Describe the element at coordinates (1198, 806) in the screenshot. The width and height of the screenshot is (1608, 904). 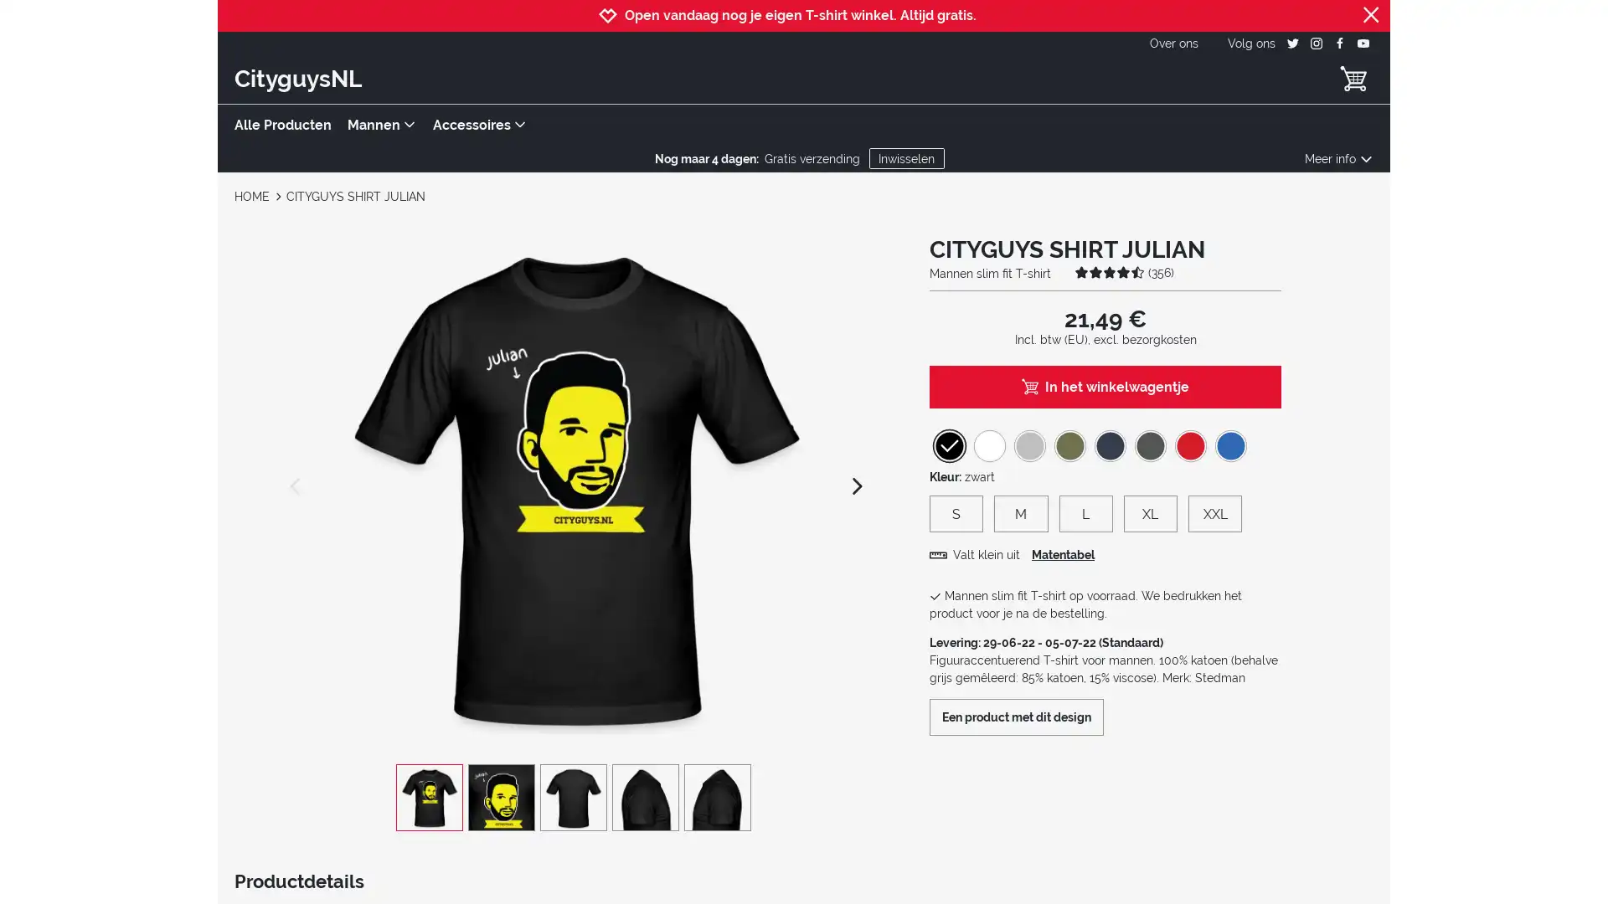
I see `Akkoord` at that location.